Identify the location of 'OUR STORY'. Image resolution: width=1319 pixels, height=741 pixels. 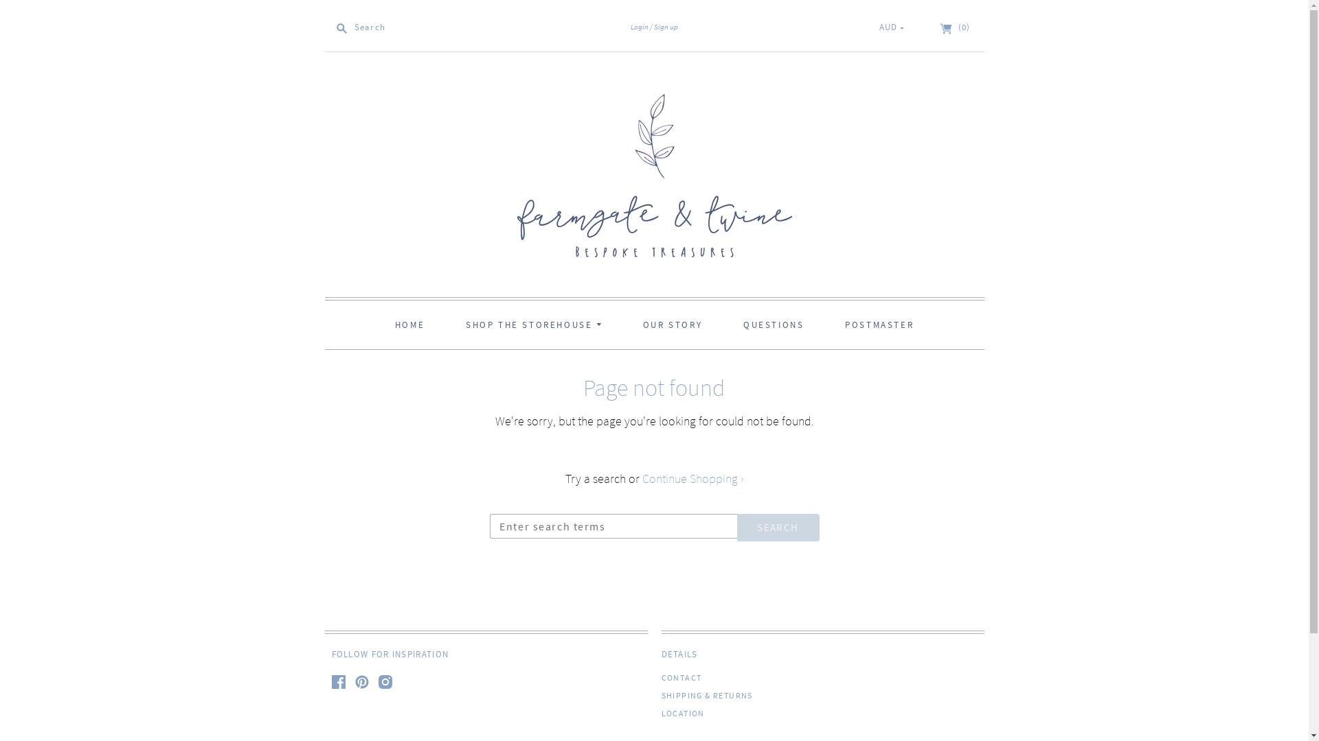
(673, 325).